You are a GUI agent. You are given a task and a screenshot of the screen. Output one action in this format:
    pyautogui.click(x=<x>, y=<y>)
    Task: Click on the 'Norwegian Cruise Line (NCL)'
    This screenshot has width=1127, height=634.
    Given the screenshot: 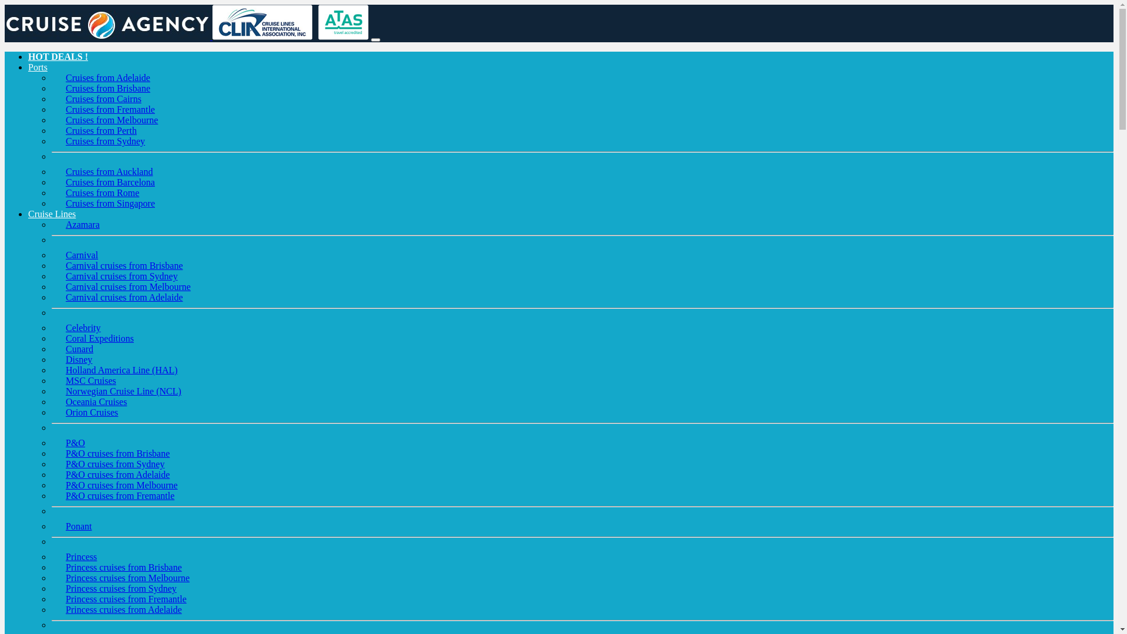 What is the action you would take?
    pyautogui.click(x=123, y=391)
    